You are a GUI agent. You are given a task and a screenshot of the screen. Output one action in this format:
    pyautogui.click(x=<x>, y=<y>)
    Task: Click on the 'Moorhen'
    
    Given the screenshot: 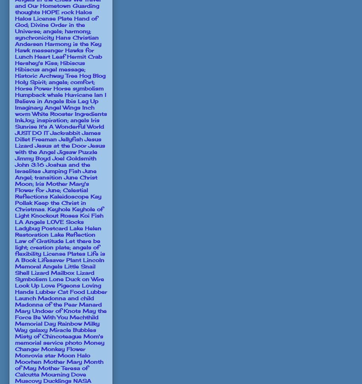 What is the action you would take?
    pyautogui.click(x=28, y=361)
    